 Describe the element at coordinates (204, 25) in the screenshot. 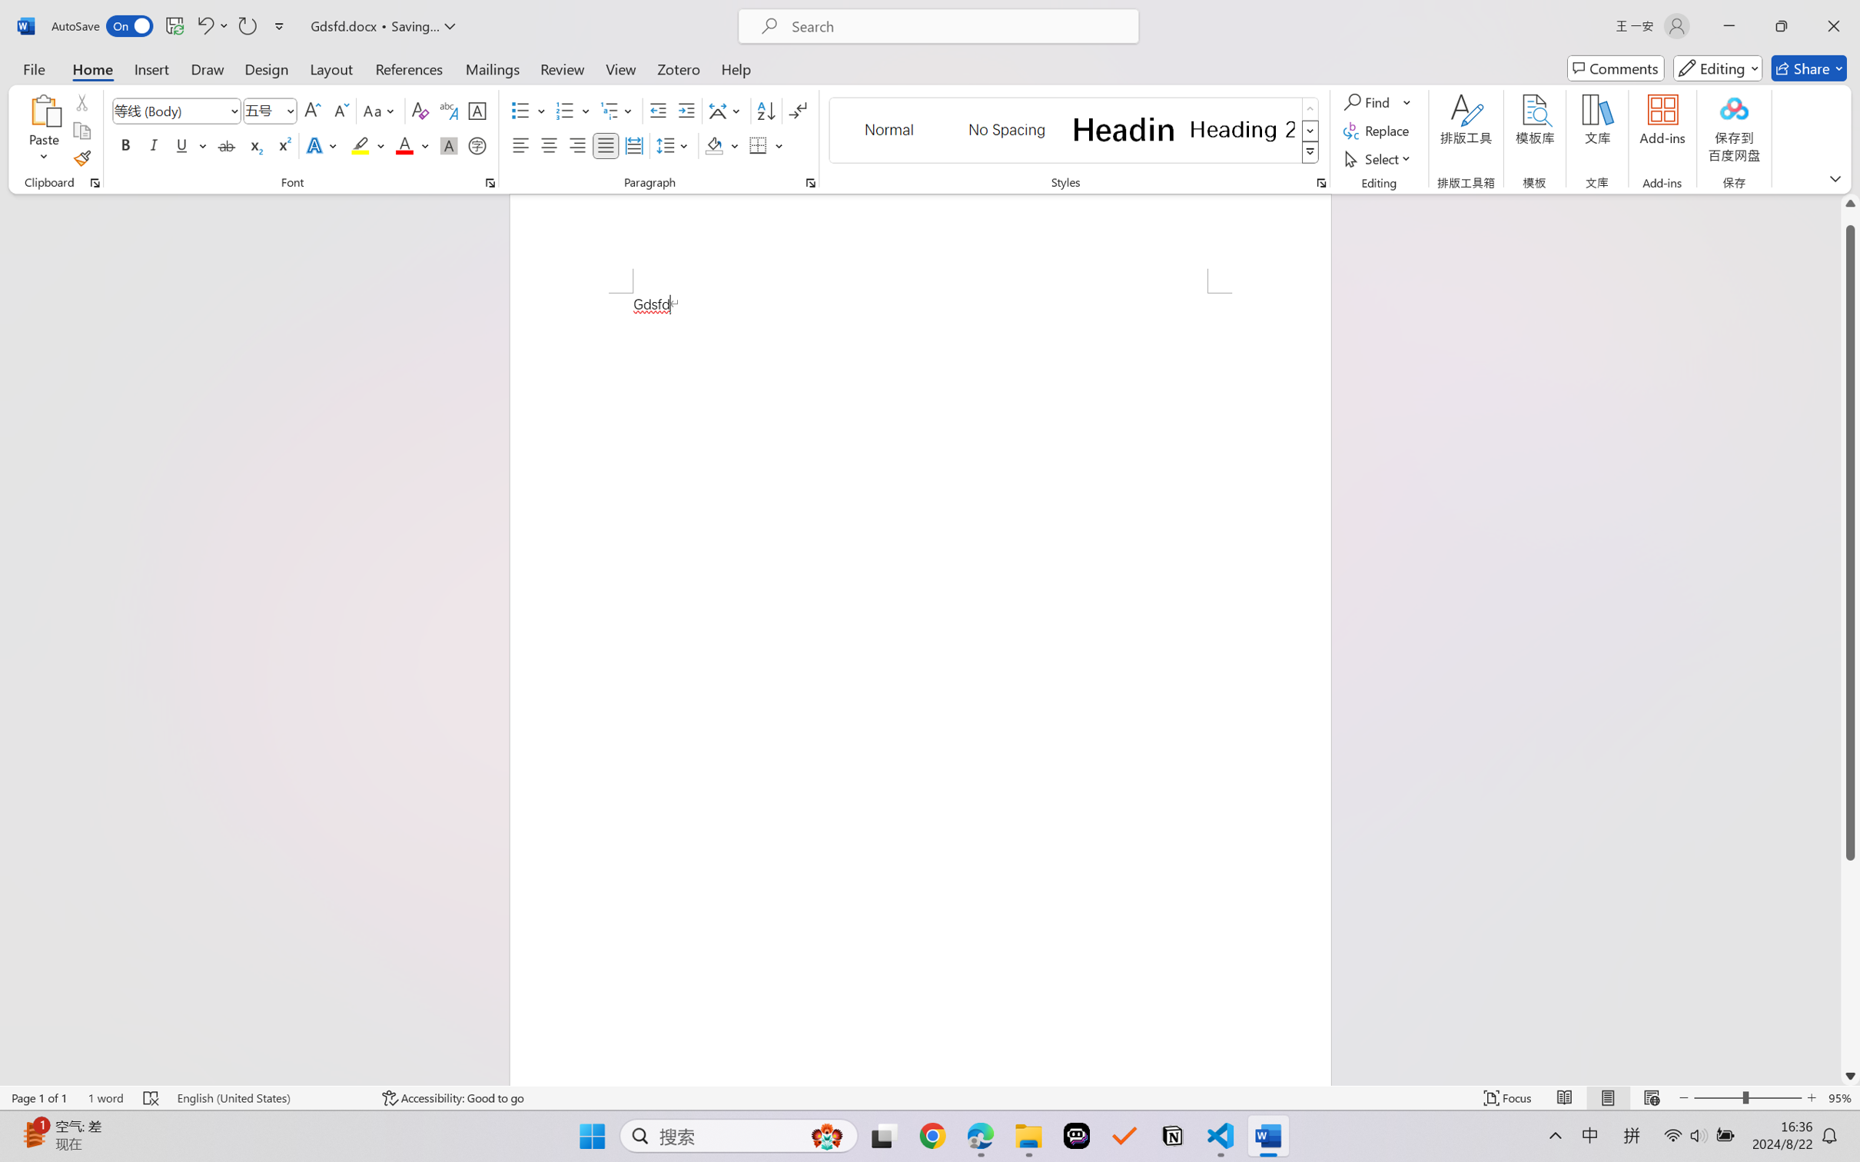

I see `'Undo Style'` at that location.